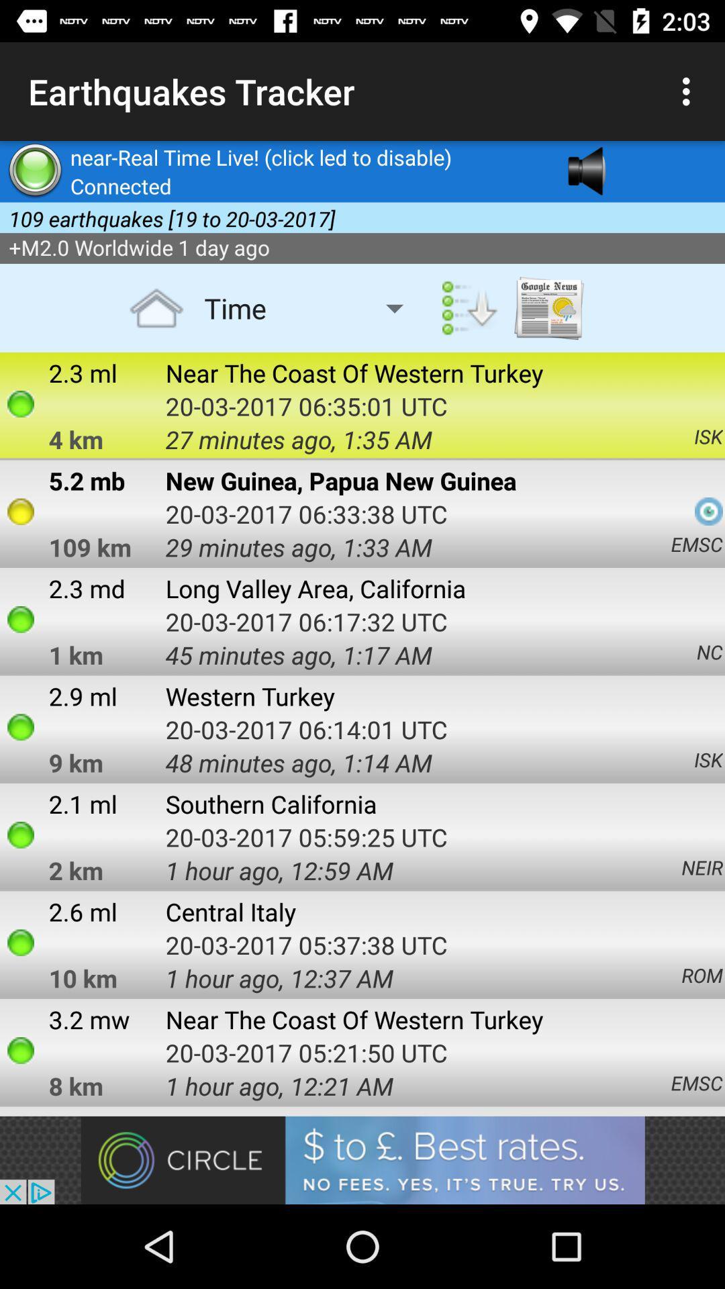 The height and width of the screenshot is (1289, 725). I want to click on the home icon, so click(156, 307).